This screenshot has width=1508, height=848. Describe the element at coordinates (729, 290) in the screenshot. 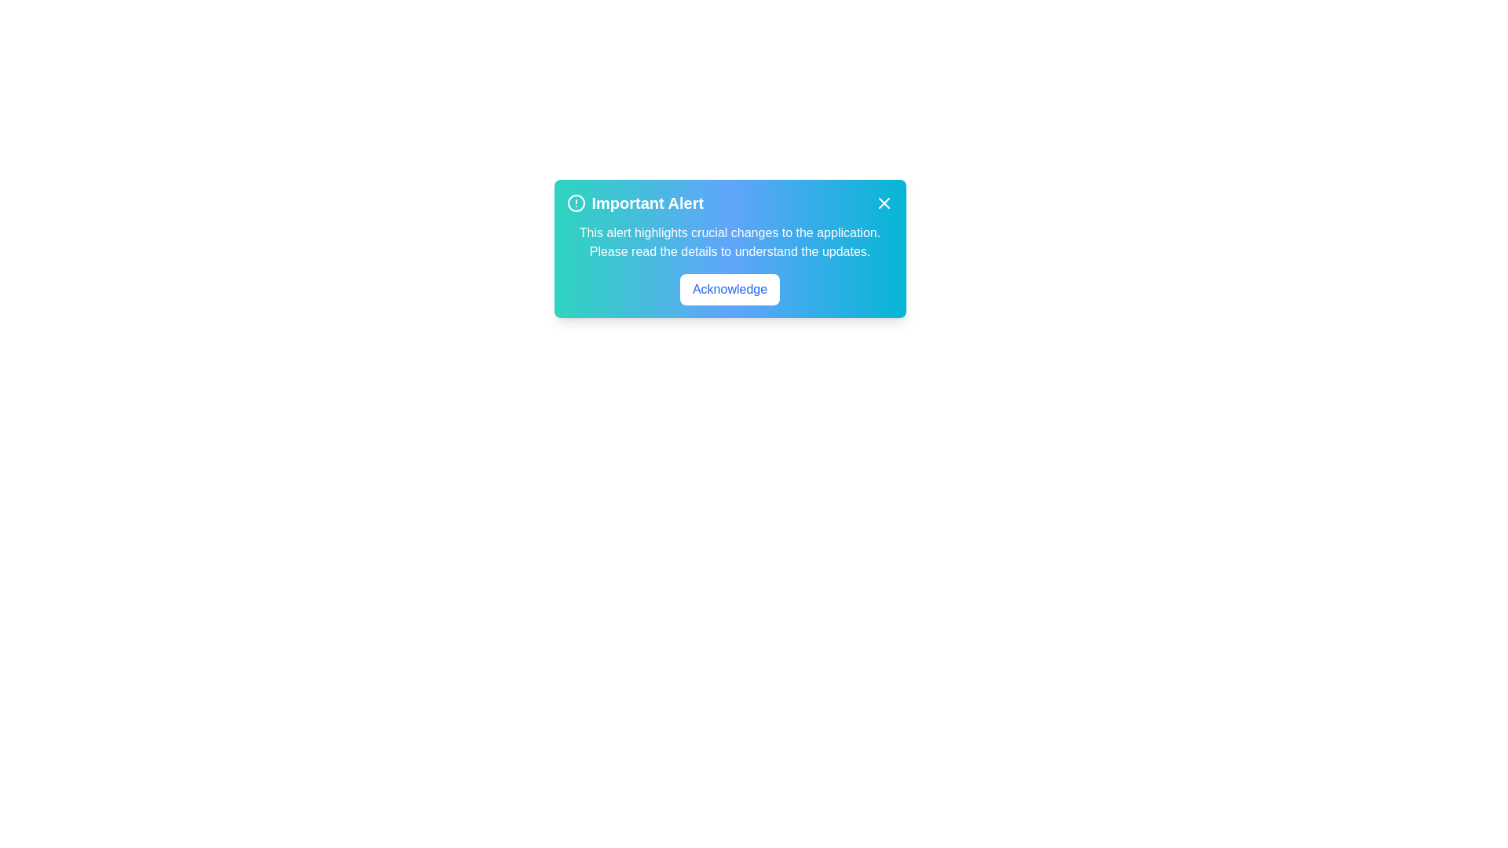

I see `'Acknowledge' button to confirm the alert` at that location.